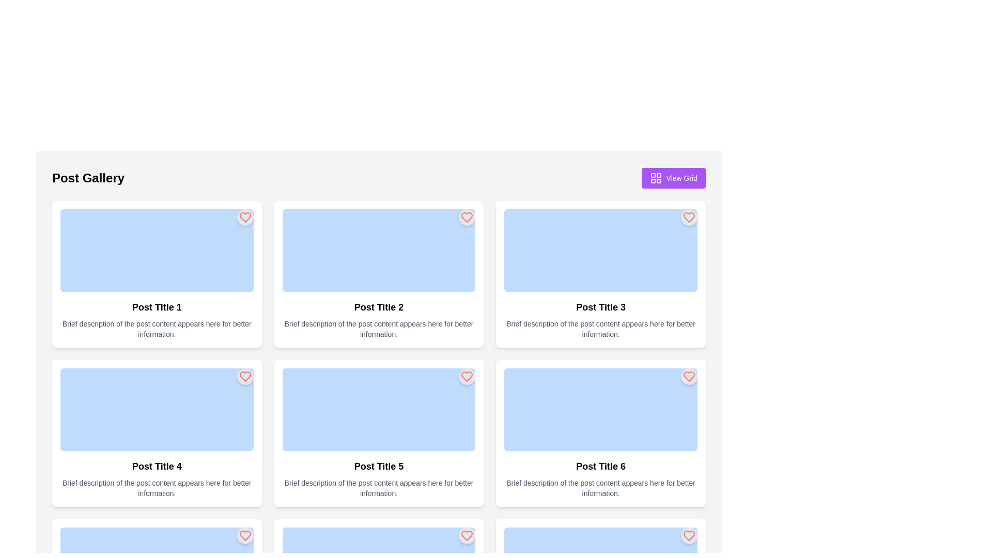 Image resolution: width=992 pixels, height=558 pixels. Describe the element at coordinates (689, 216) in the screenshot. I see `the favorite button located in the top-right corner of the 'Post Title 3' card to favorite the associated post` at that location.